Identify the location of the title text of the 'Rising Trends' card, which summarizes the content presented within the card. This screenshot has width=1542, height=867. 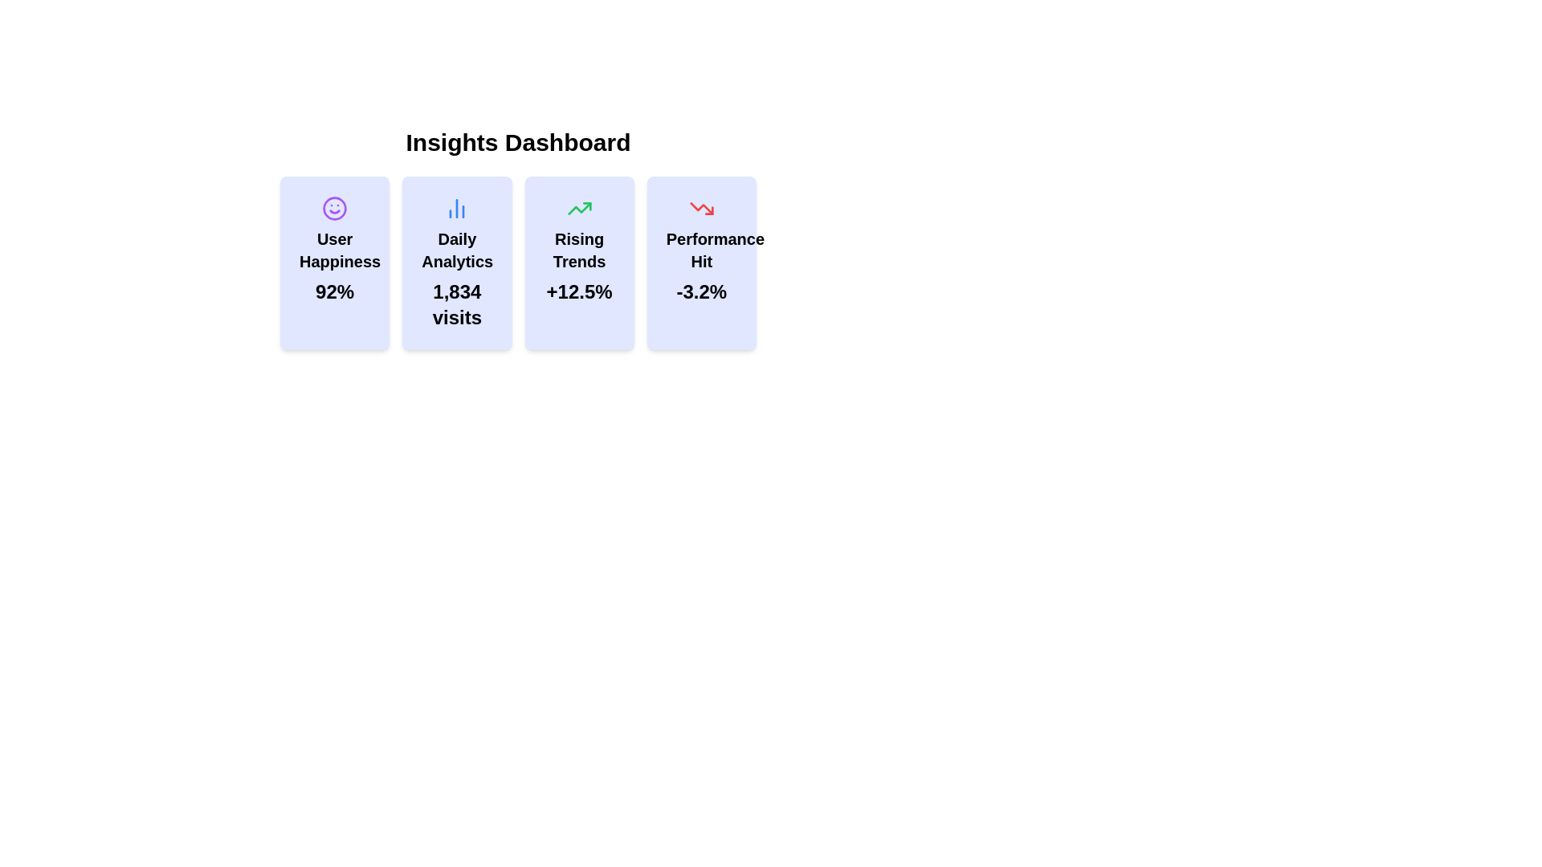
(578, 250).